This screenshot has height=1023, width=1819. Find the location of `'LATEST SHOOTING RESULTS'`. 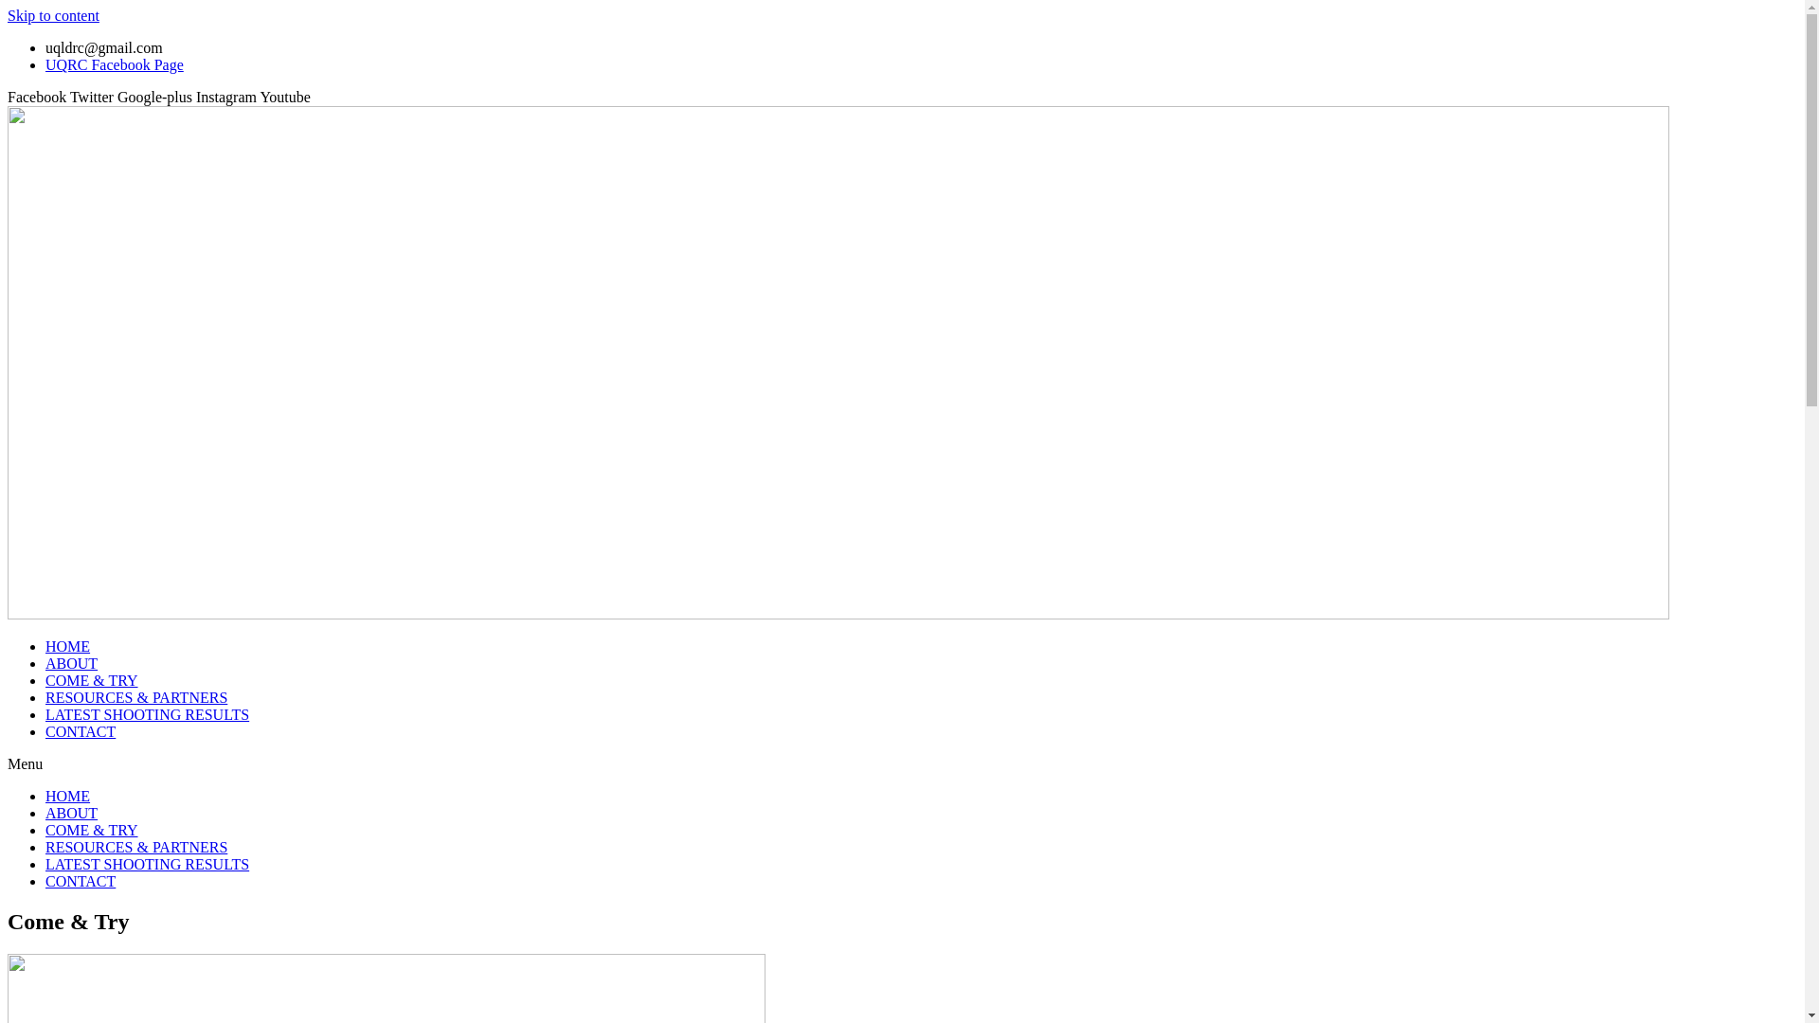

'LATEST SHOOTING RESULTS' is located at coordinates (146, 864).